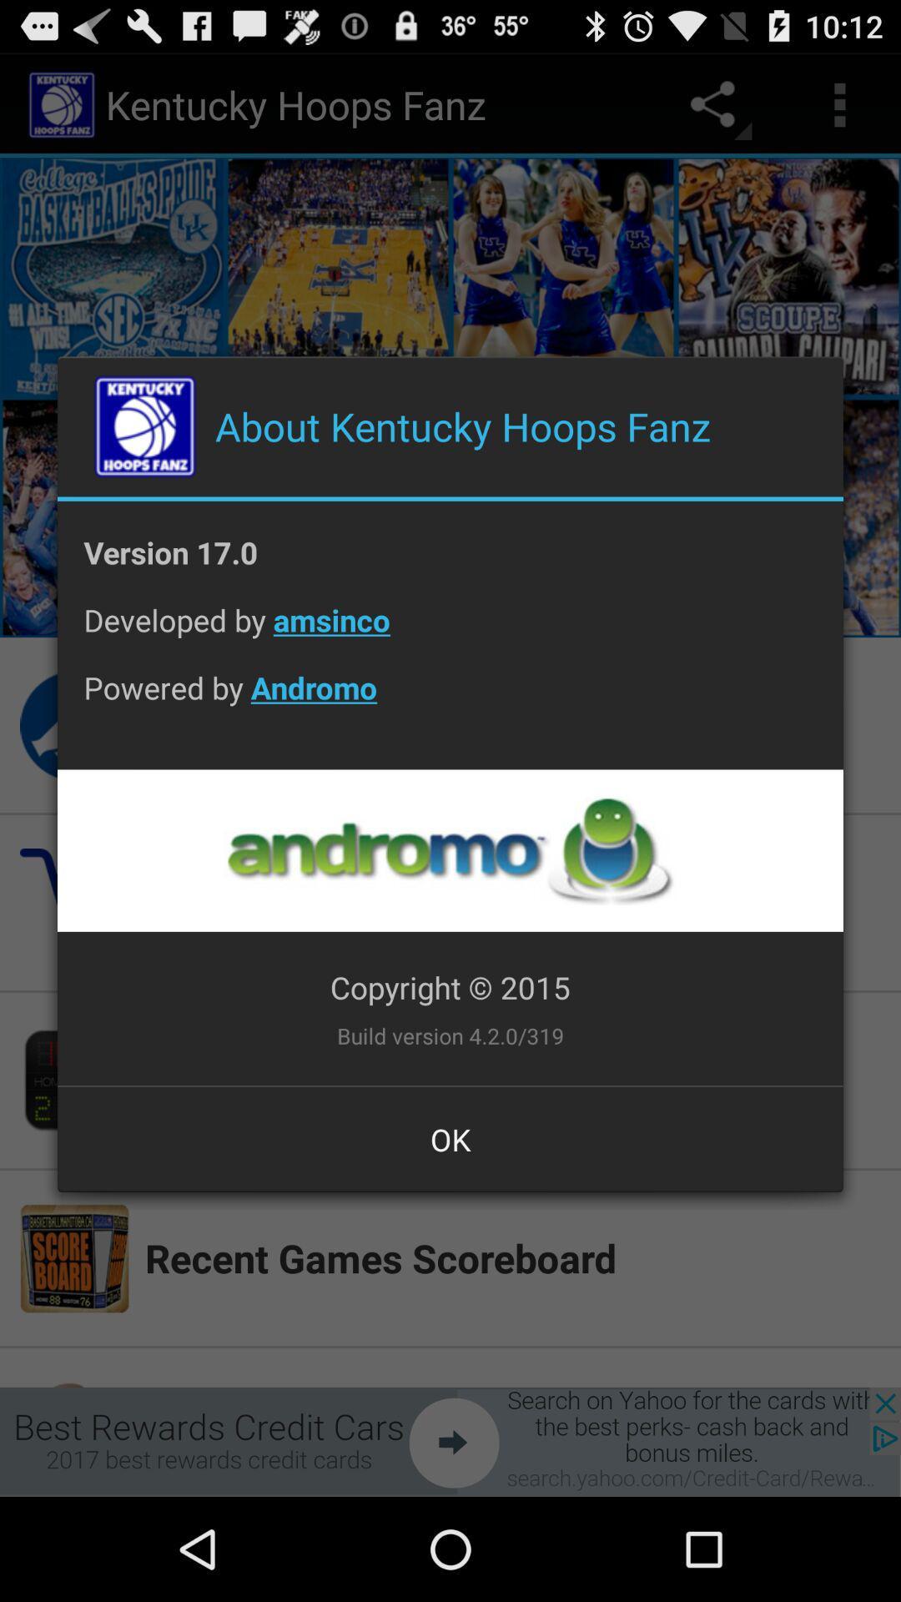 The width and height of the screenshot is (901, 1602). I want to click on item below build version 4 item, so click(450, 1138).